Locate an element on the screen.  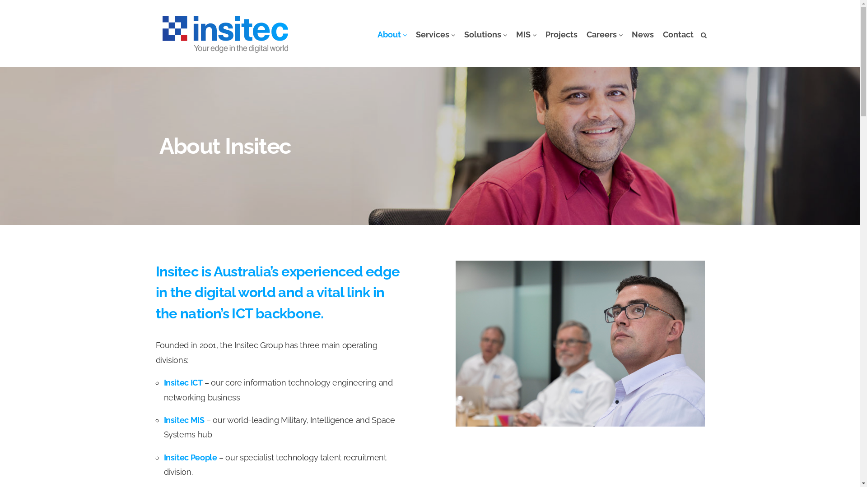
'Insitec People' is located at coordinates (190, 457).